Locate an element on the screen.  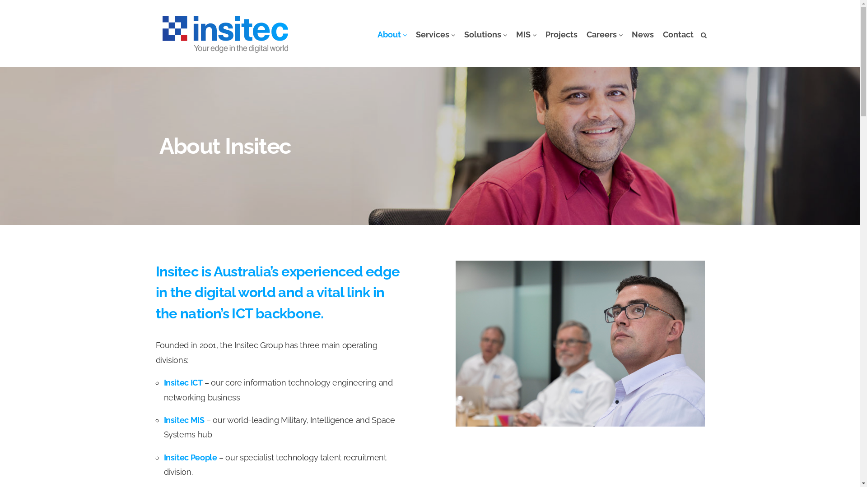
'Insitec People' is located at coordinates (190, 457).